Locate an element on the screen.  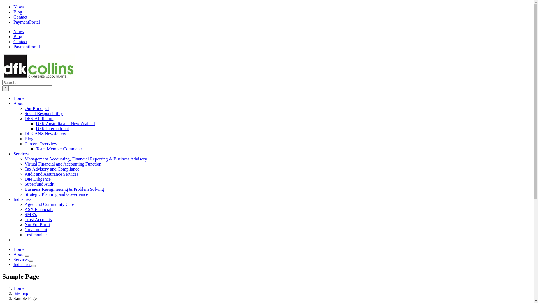
'Our Principal' is located at coordinates (36, 108).